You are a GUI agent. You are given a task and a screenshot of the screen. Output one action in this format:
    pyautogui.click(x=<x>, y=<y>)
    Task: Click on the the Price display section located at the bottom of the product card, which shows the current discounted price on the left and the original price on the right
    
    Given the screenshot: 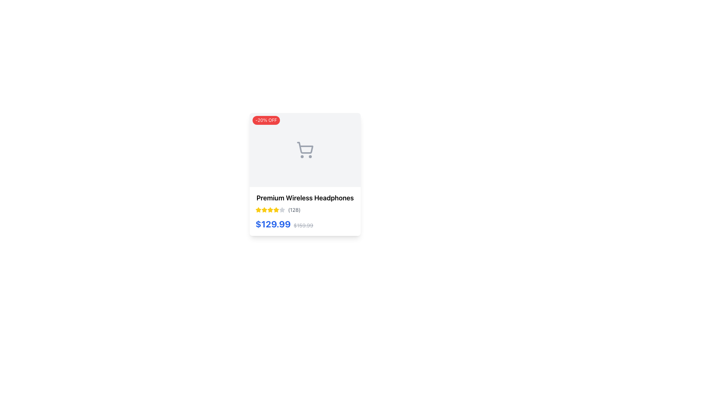 What is the action you would take?
    pyautogui.click(x=284, y=224)
    